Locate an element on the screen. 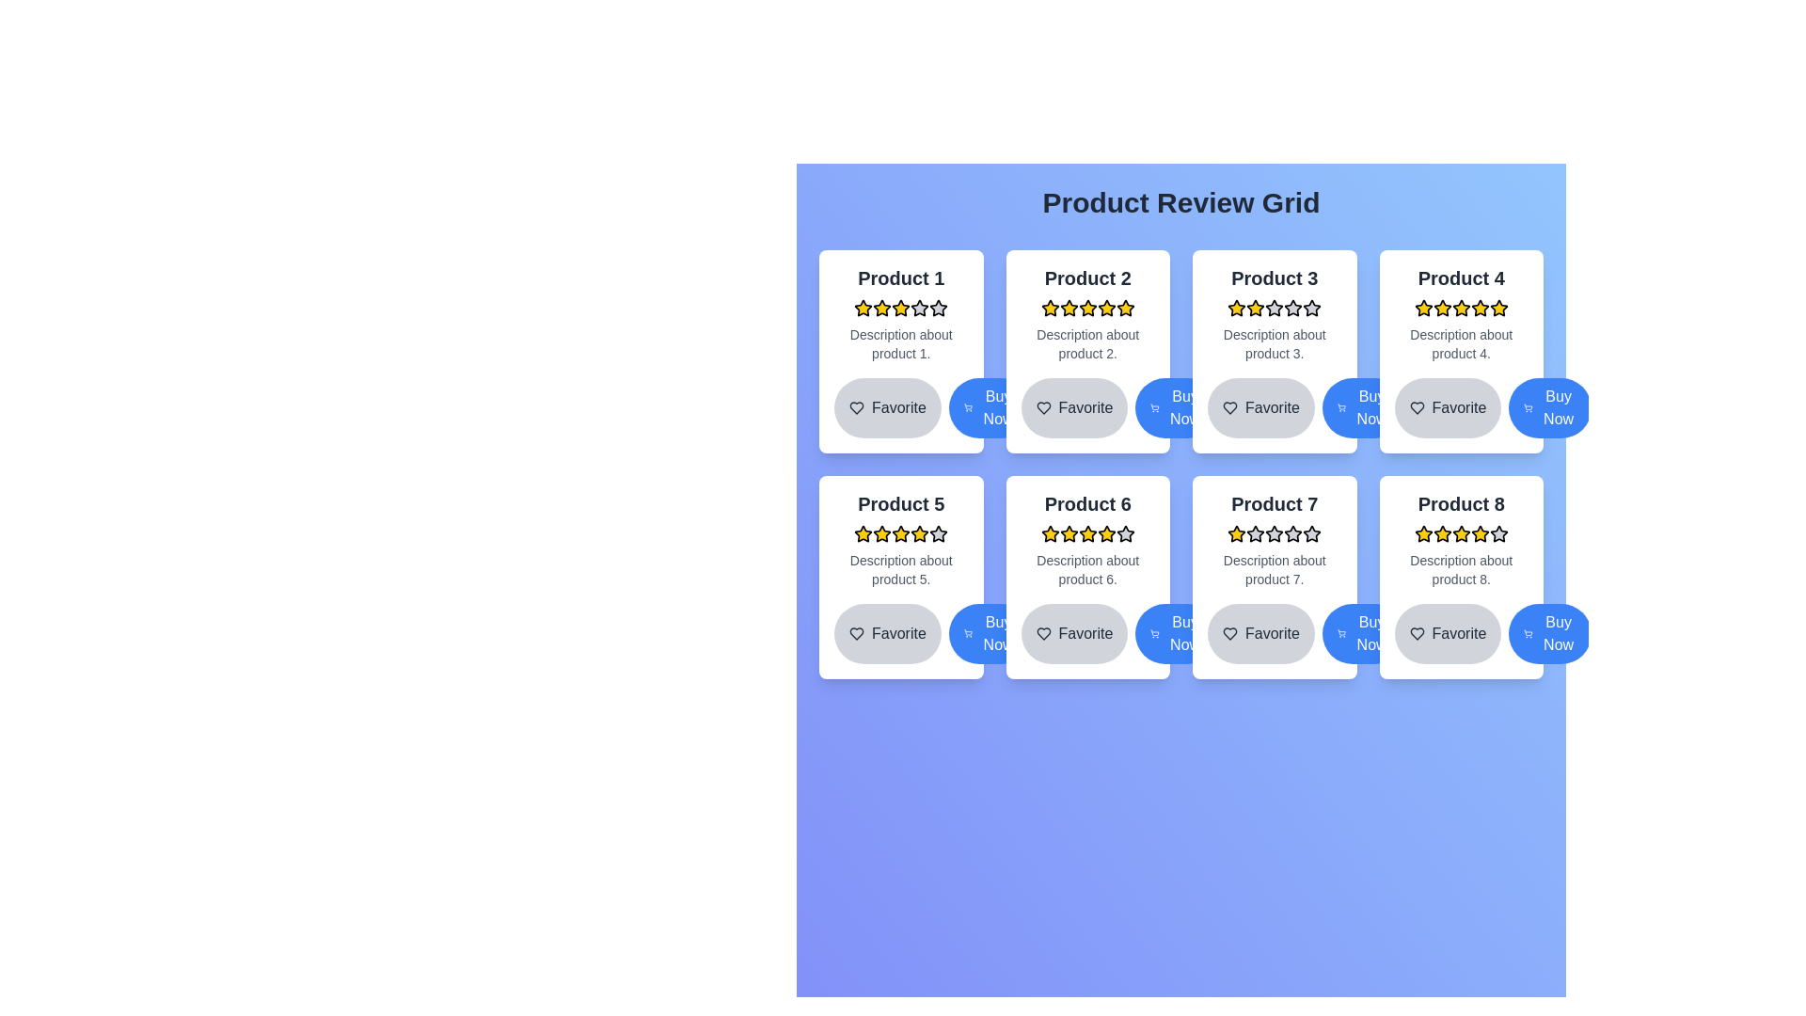 This screenshot has height=1016, width=1806. text label 'Product 7' located at the center-top of the seventh card in the grid layout for identification is located at coordinates (1275, 503).